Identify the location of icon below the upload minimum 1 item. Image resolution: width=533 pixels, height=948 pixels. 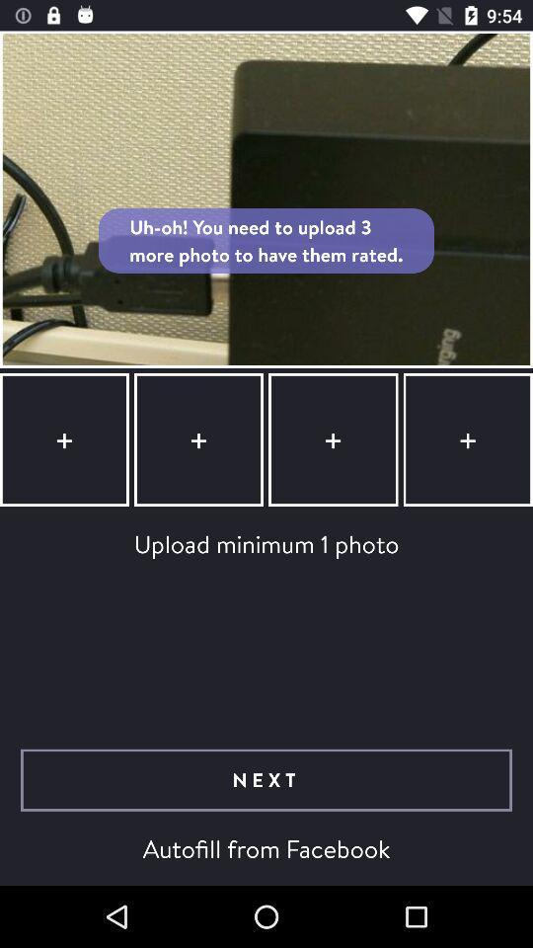
(266, 780).